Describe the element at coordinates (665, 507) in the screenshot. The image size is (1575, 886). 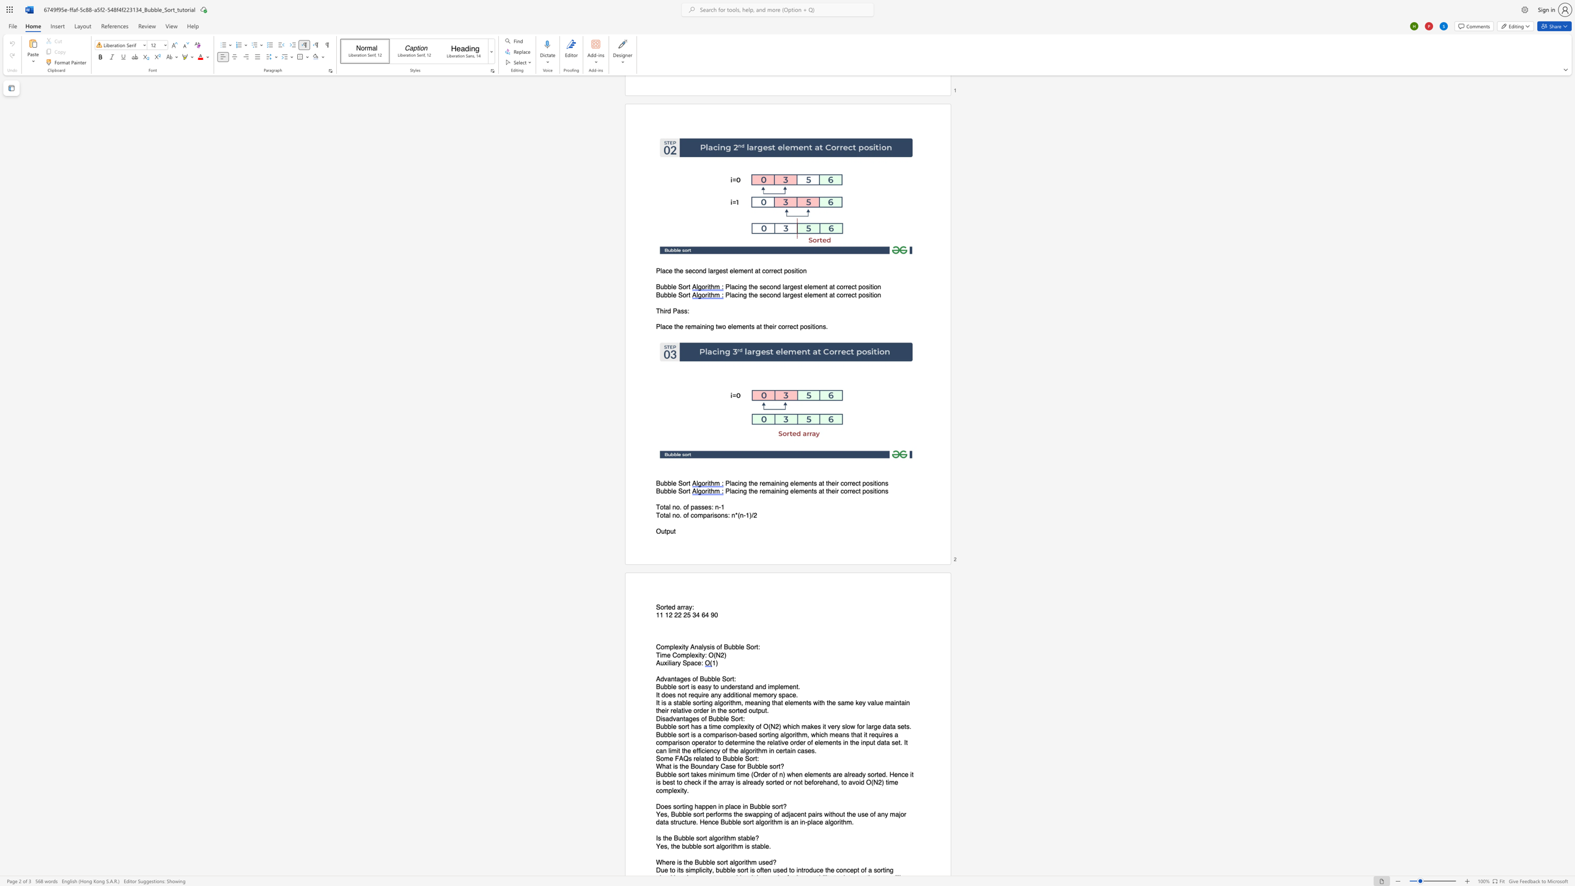
I see `the space between the continuous character "t" and "a" in the text` at that location.